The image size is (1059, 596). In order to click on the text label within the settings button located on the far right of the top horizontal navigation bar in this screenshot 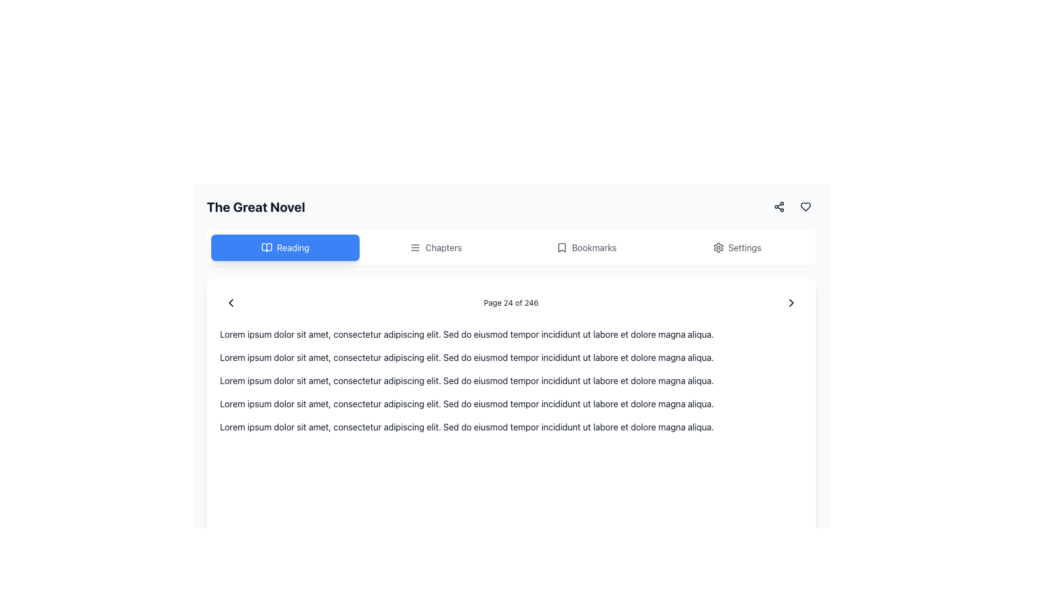, I will do `click(745, 247)`.